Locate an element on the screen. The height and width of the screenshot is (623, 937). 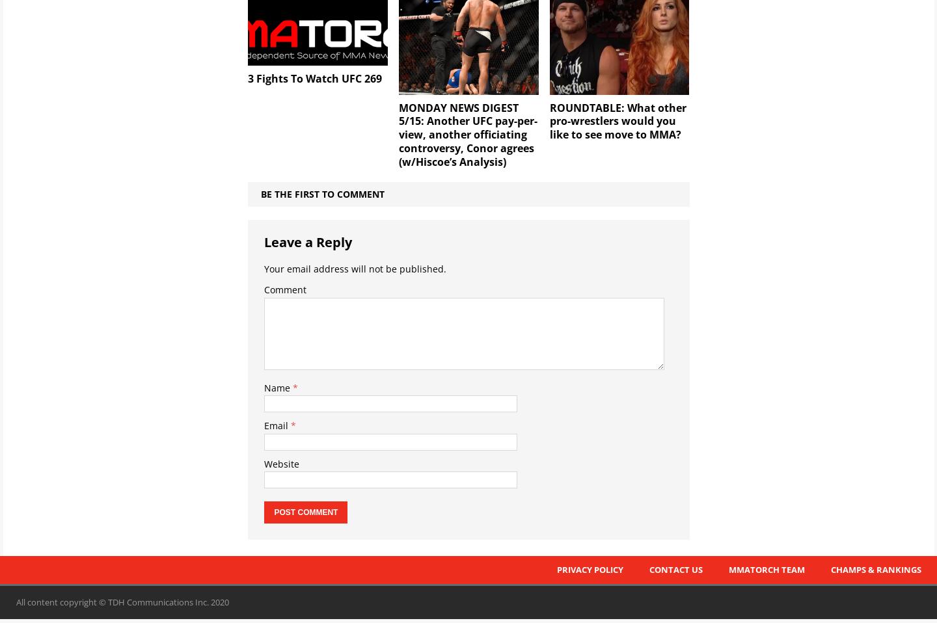
'3 Fights To Watch UFC 269' is located at coordinates (314, 78).